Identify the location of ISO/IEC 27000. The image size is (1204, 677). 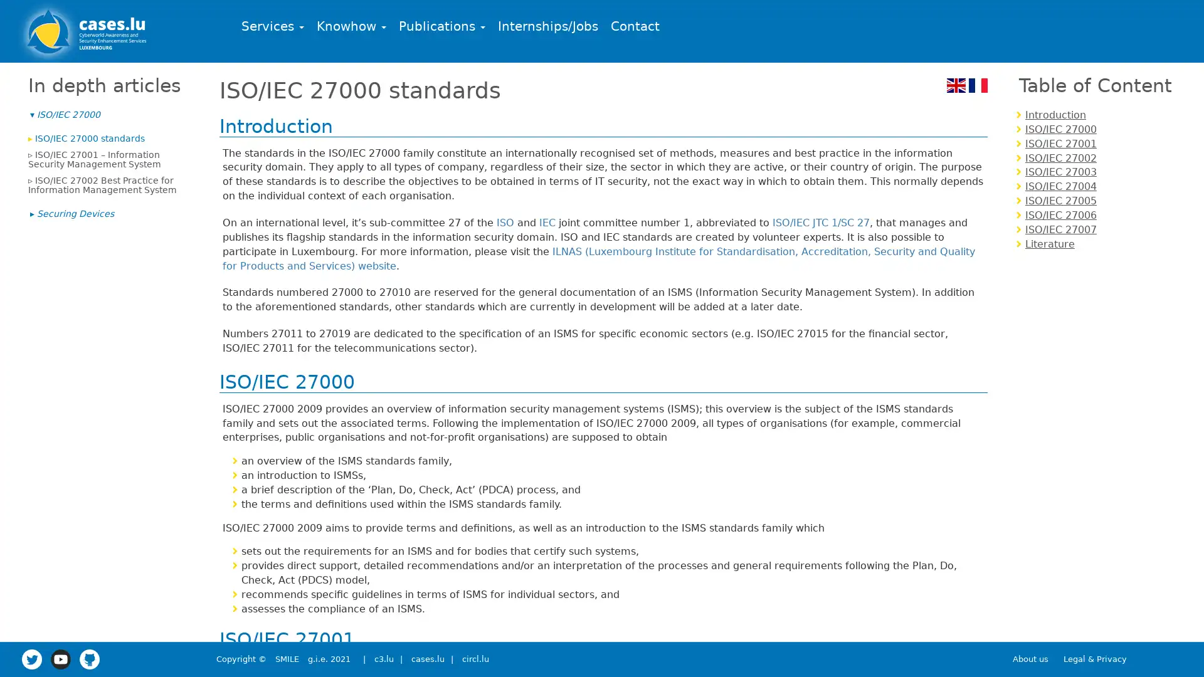
(108, 115).